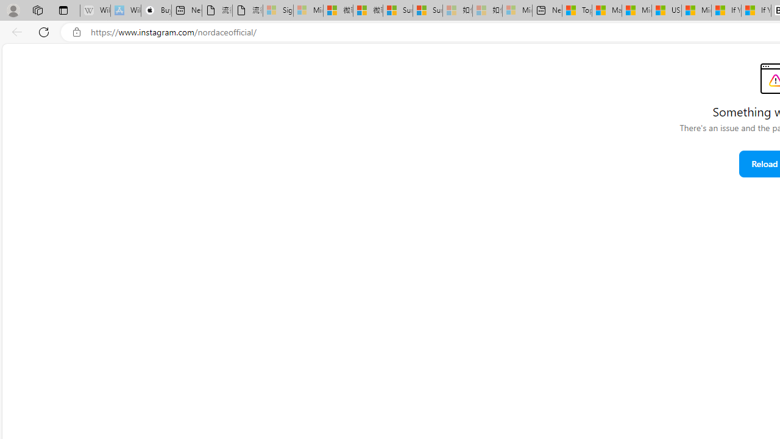 Image resolution: width=780 pixels, height=439 pixels. What do you see at coordinates (277, 10) in the screenshot?
I see `'Sign in to your Microsoft account - Sleeping'` at bounding box center [277, 10].